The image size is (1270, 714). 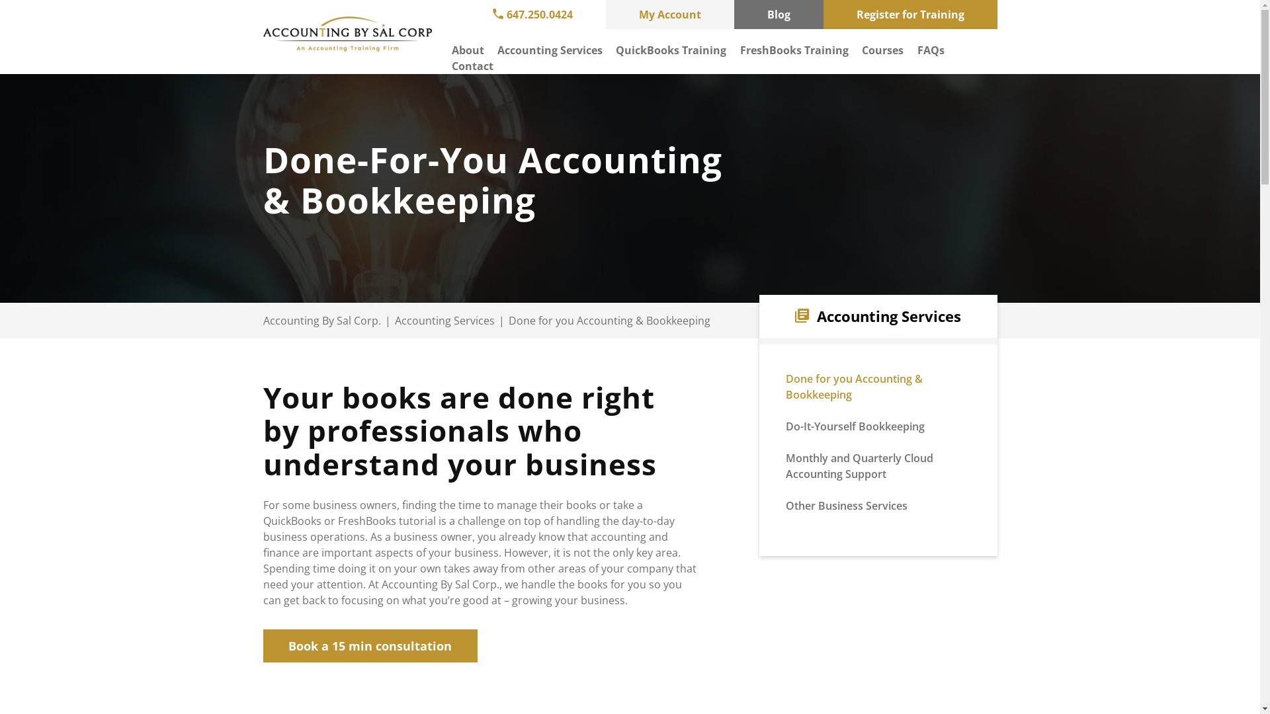 What do you see at coordinates (882, 50) in the screenshot?
I see `'Courses'` at bounding box center [882, 50].